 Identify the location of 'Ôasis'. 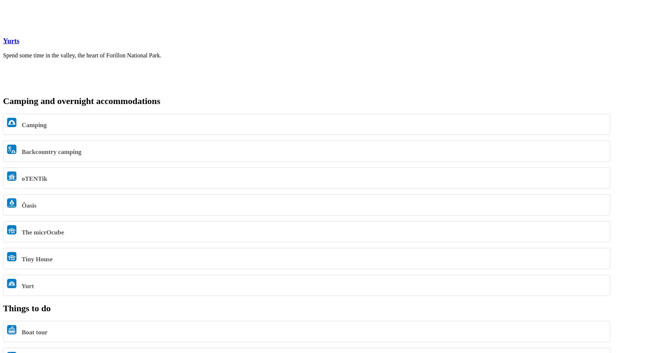
(28, 205).